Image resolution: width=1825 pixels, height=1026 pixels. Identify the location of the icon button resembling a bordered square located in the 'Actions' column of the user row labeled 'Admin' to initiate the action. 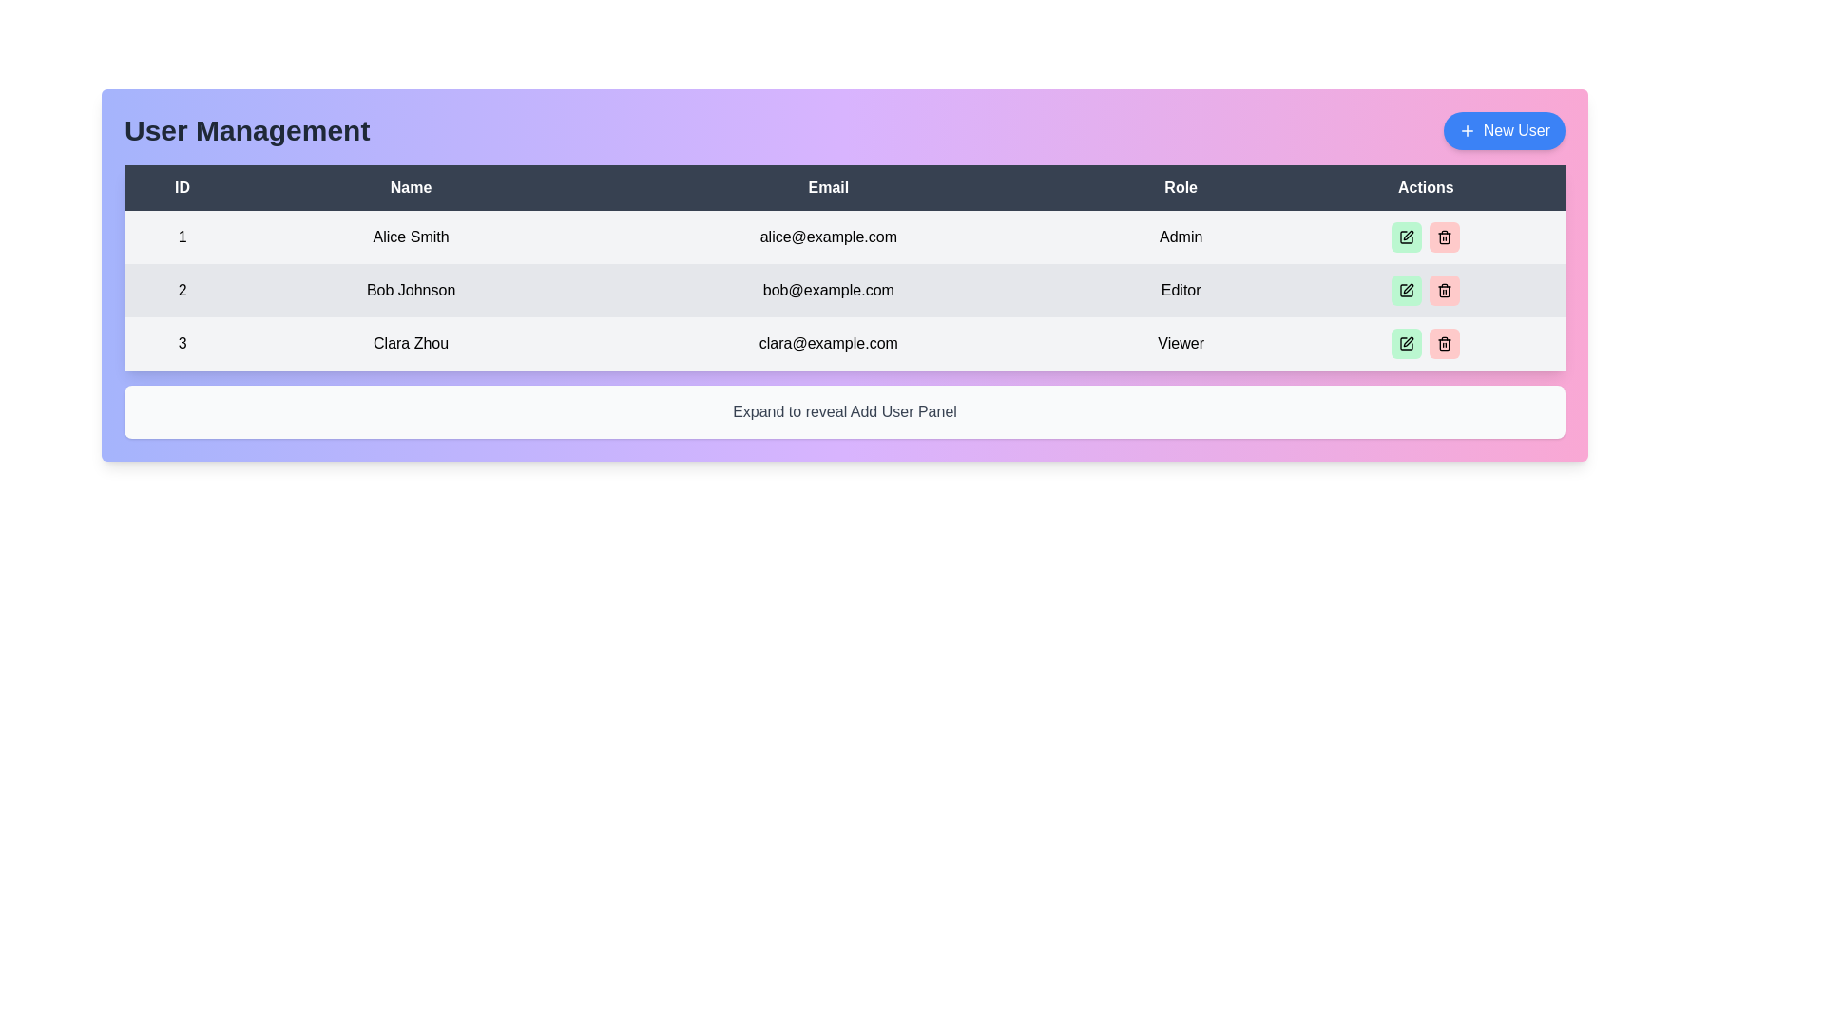
(1406, 237).